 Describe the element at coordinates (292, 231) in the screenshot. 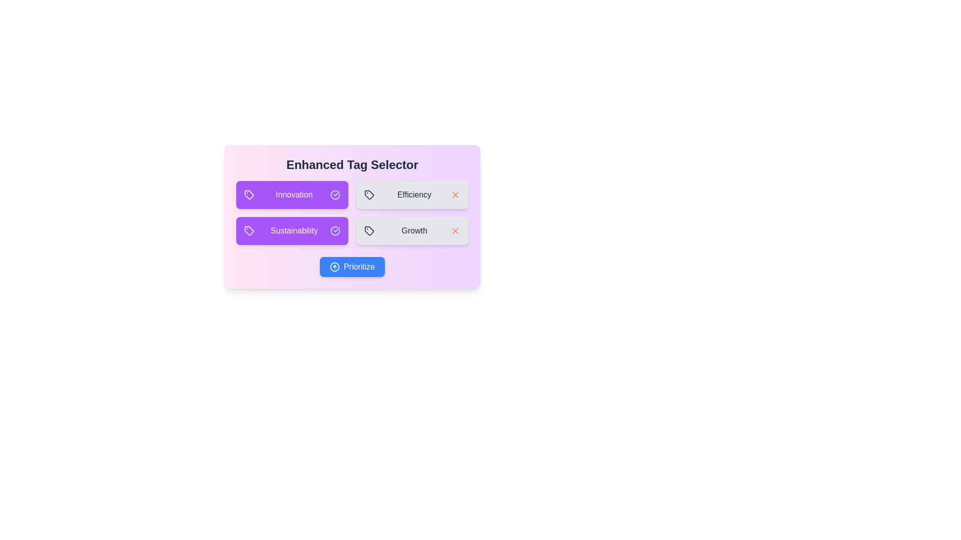

I see `the tag Sustainability` at that location.